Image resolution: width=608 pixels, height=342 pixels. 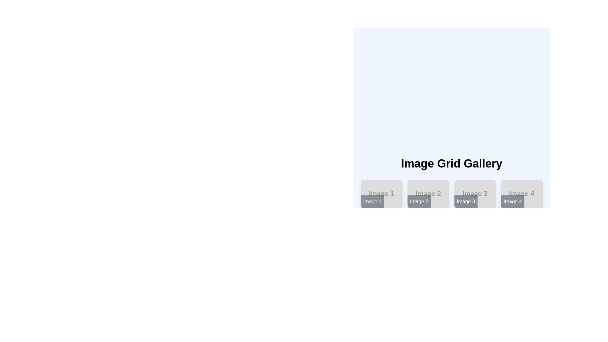 I want to click on the Image card labeled 'Image 4' located in the first row and fourth column of the grid layout, so click(x=522, y=194).